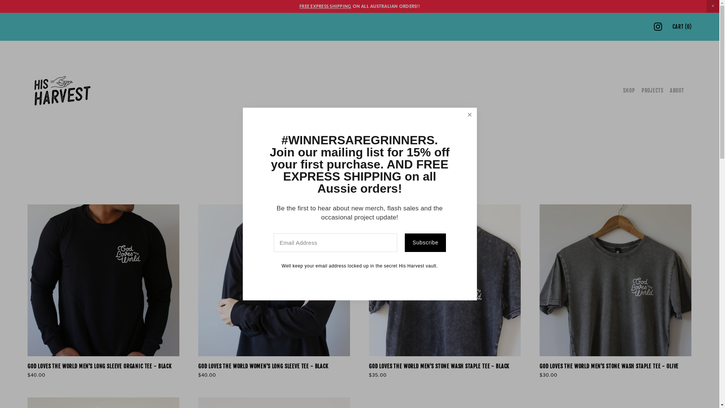  Describe the element at coordinates (682, 26) in the screenshot. I see `'CART 0'` at that location.